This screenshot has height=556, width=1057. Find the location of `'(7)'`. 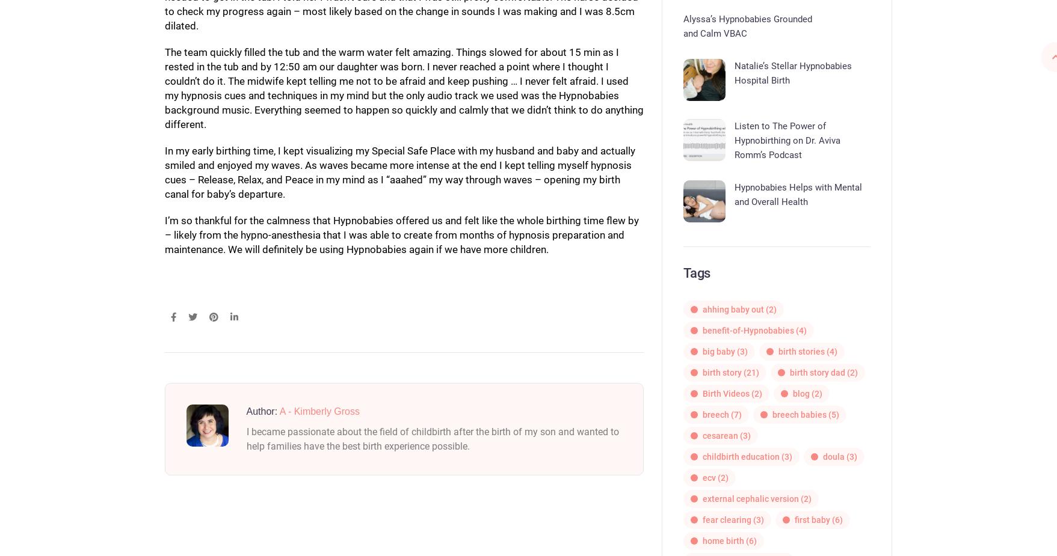

'(7)' is located at coordinates (735, 414).